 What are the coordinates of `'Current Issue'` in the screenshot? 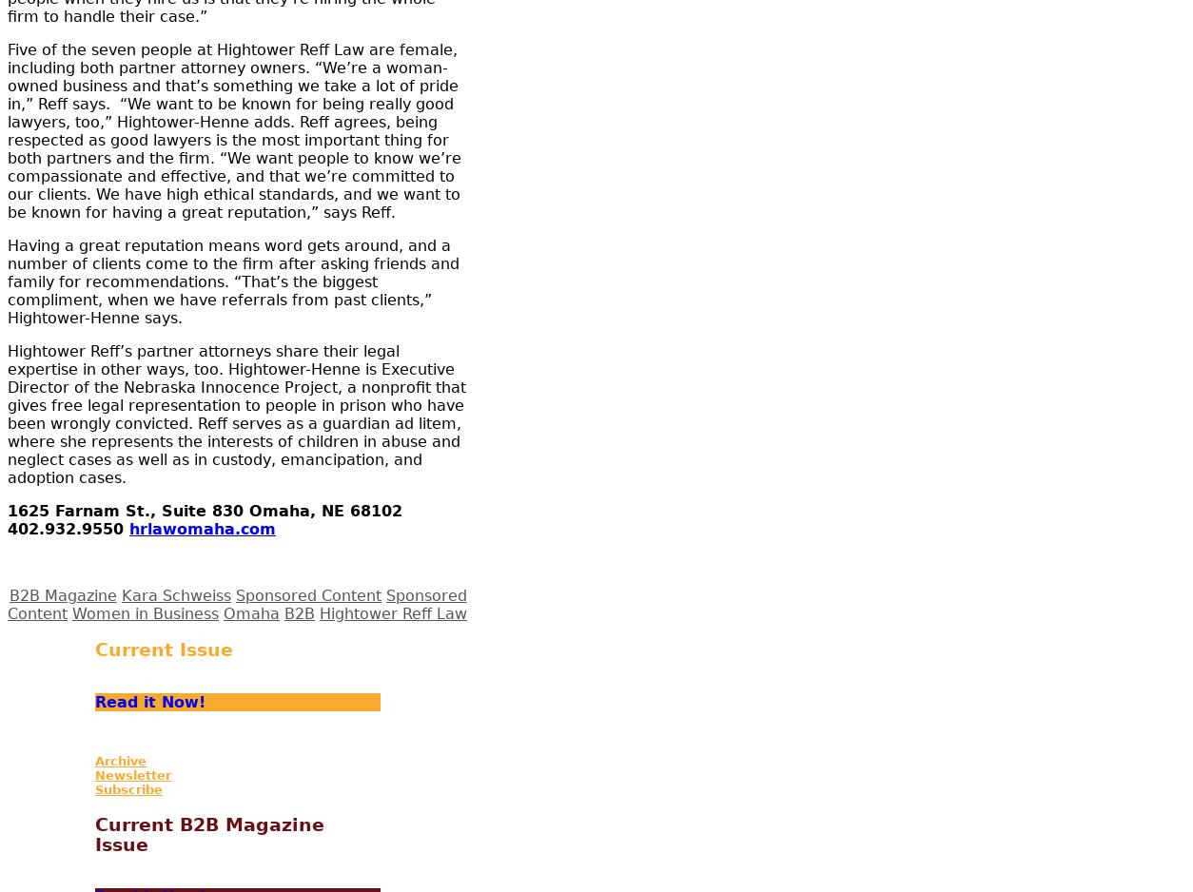 It's located at (163, 650).